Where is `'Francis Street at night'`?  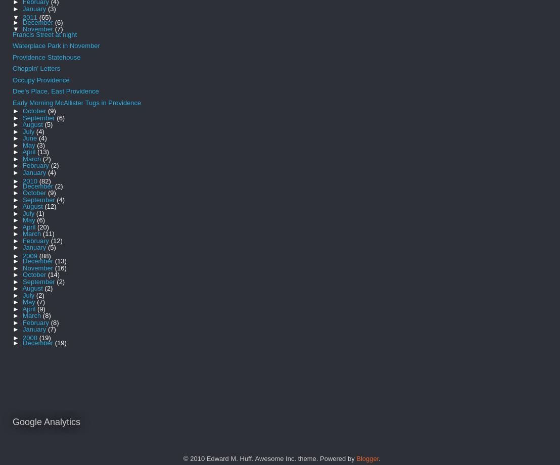
'Francis Street at night' is located at coordinates (44, 34).